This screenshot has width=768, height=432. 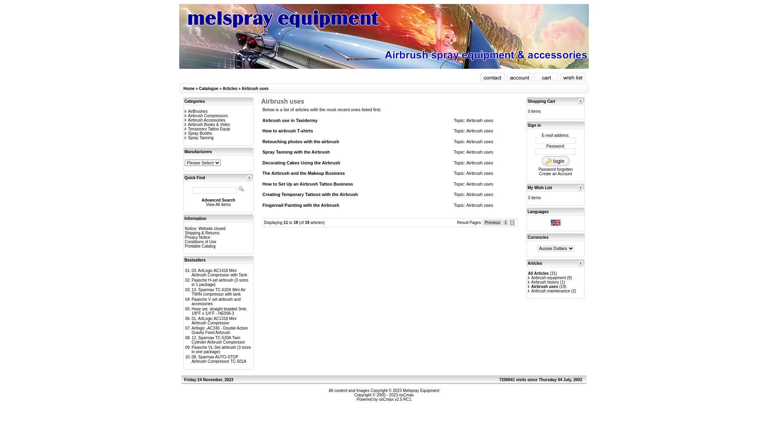 I want to click on 'Temporary Tattoo Equip', so click(x=207, y=128).